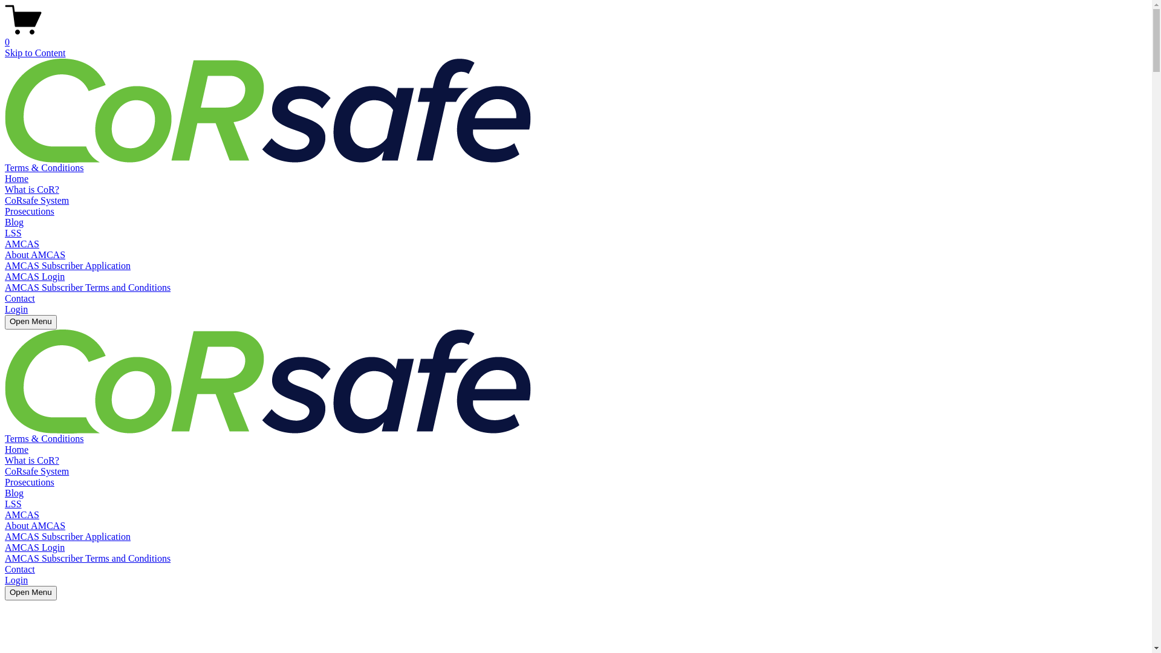  I want to click on 'Terms & Conditions', so click(44, 438).